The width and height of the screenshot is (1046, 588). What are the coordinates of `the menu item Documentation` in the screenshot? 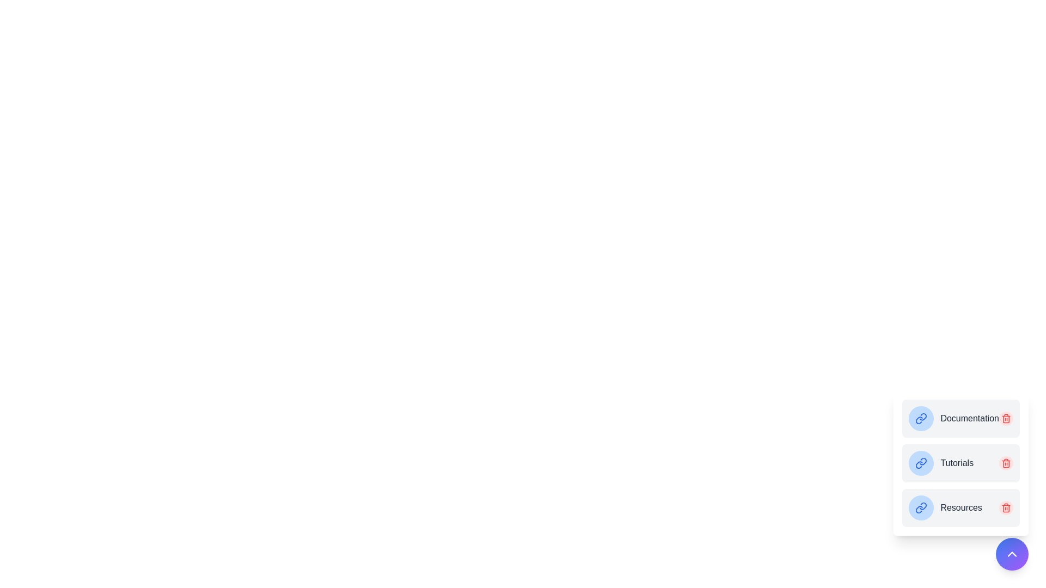 It's located at (961, 418).